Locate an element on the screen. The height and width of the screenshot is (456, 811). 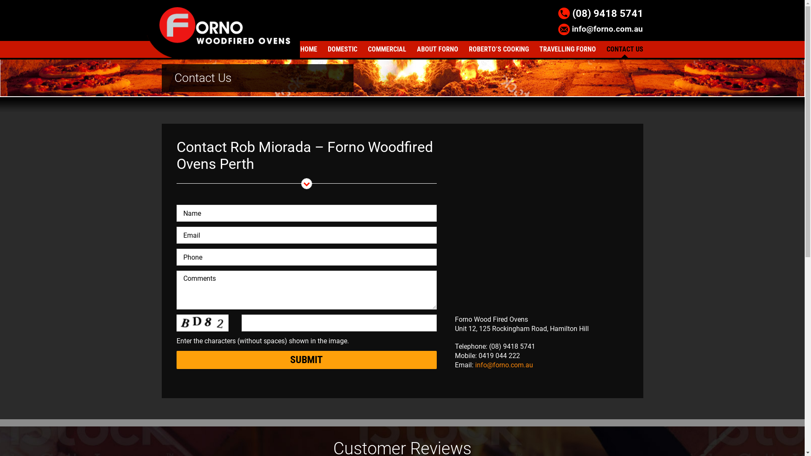
'(08) 9418 5741' is located at coordinates (558, 13).